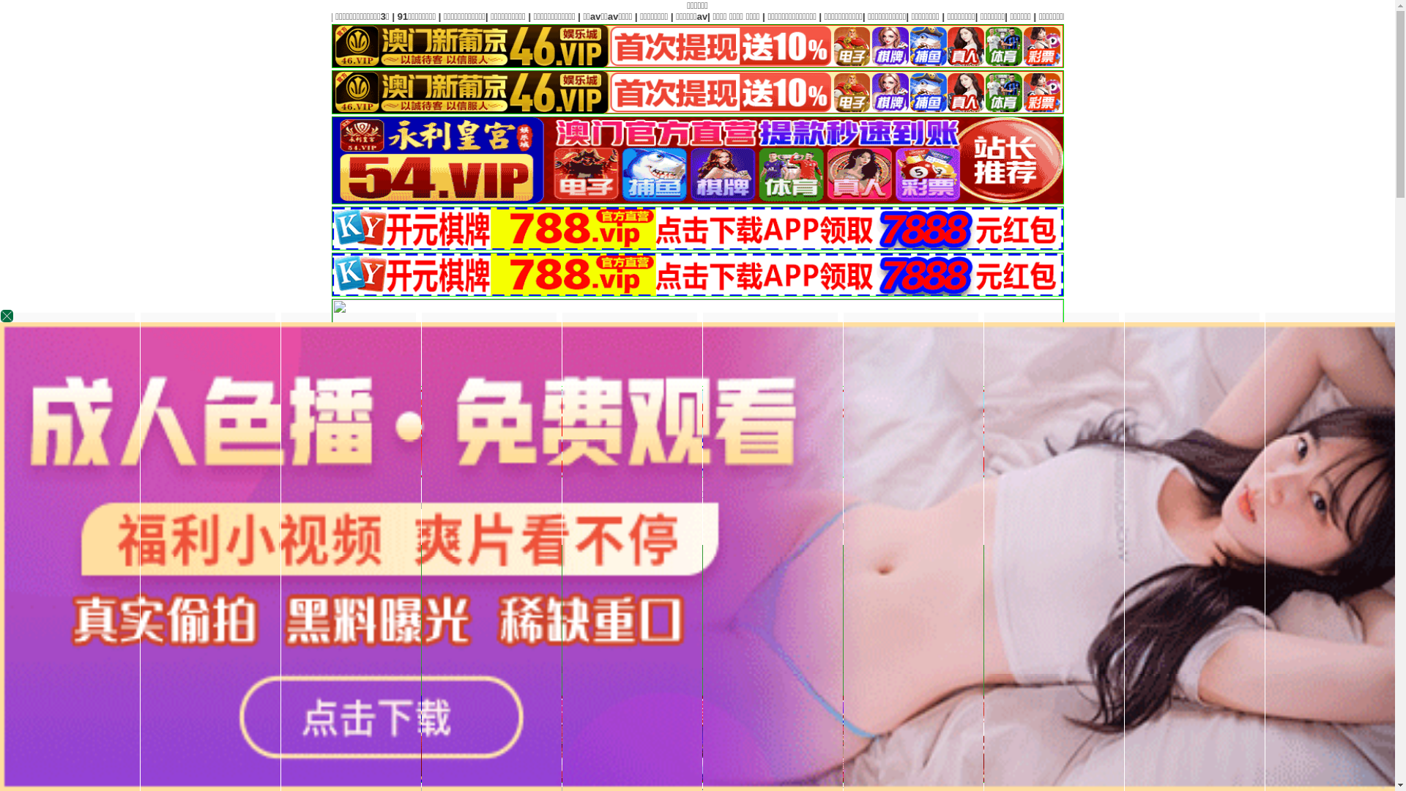  Describe the element at coordinates (1174, 16) in the screenshot. I see `'|'` at that location.